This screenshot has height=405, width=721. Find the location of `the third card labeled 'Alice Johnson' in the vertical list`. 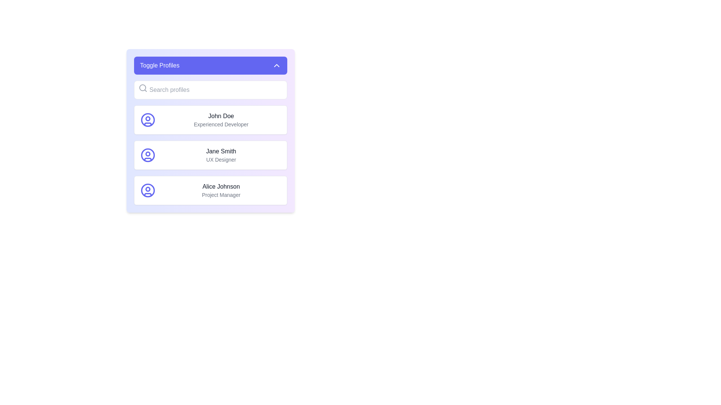

the third card labeled 'Alice Johnson' in the vertical list is located at coordinates (210, 190).